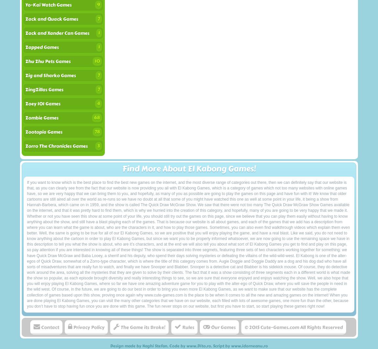 Image resolution: width=378 pixels, height=349 pixels. What do you see at coordinates (50, 76) in the screenshot?
I see `'Zig and Sharko Games'` at bounding box center [50, 76].